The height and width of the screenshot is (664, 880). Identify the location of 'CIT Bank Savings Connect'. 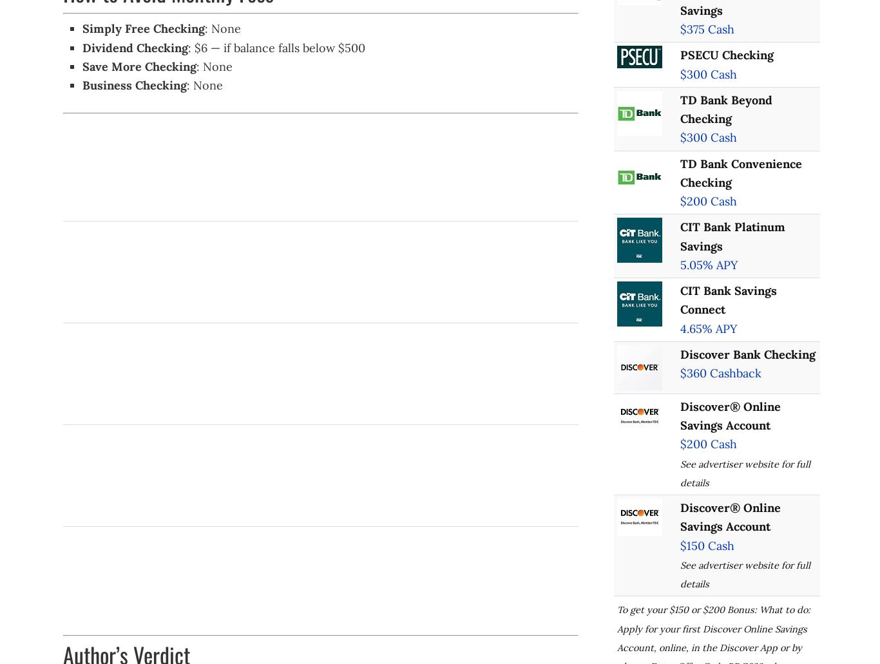
(727, 300).